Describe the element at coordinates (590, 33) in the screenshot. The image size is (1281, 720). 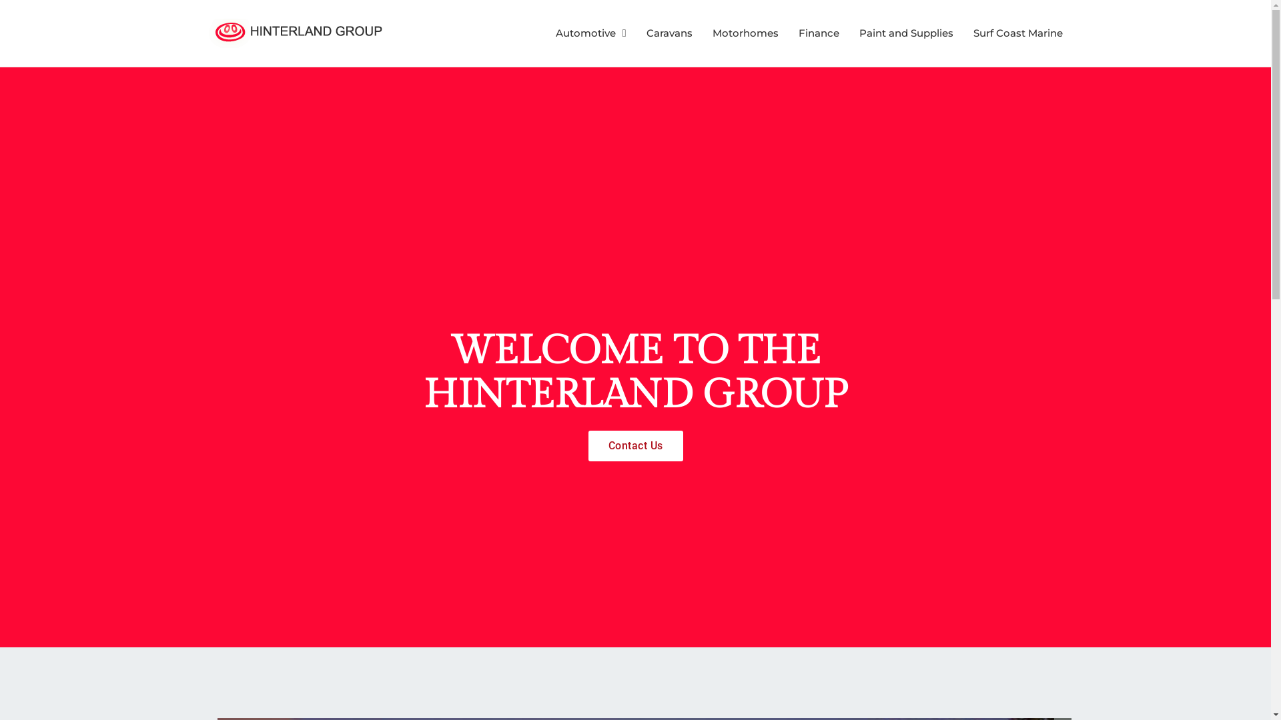
I see `'Automotive'` at that location.